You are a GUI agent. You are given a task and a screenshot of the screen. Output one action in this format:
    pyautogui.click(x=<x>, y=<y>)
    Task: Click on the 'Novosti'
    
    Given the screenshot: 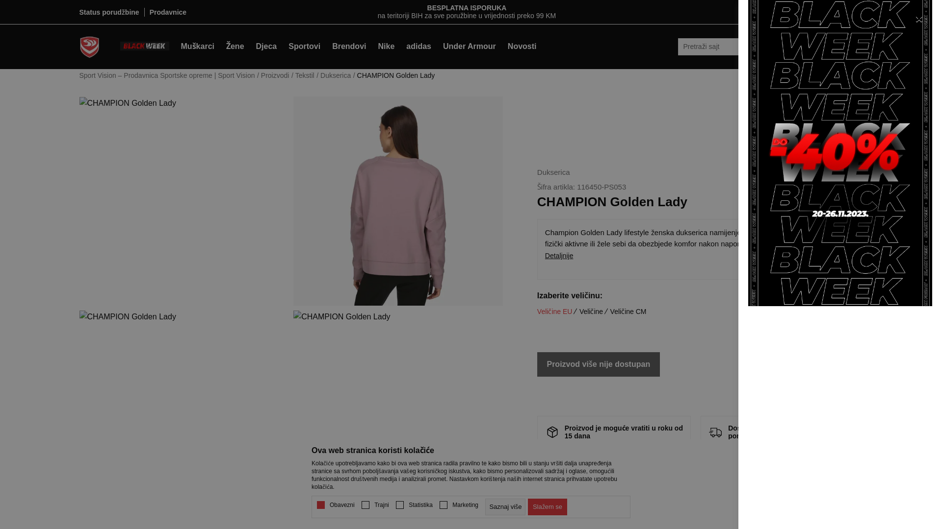 What is the action you would take?
    pyautogui.click(x=501, y=47)
    